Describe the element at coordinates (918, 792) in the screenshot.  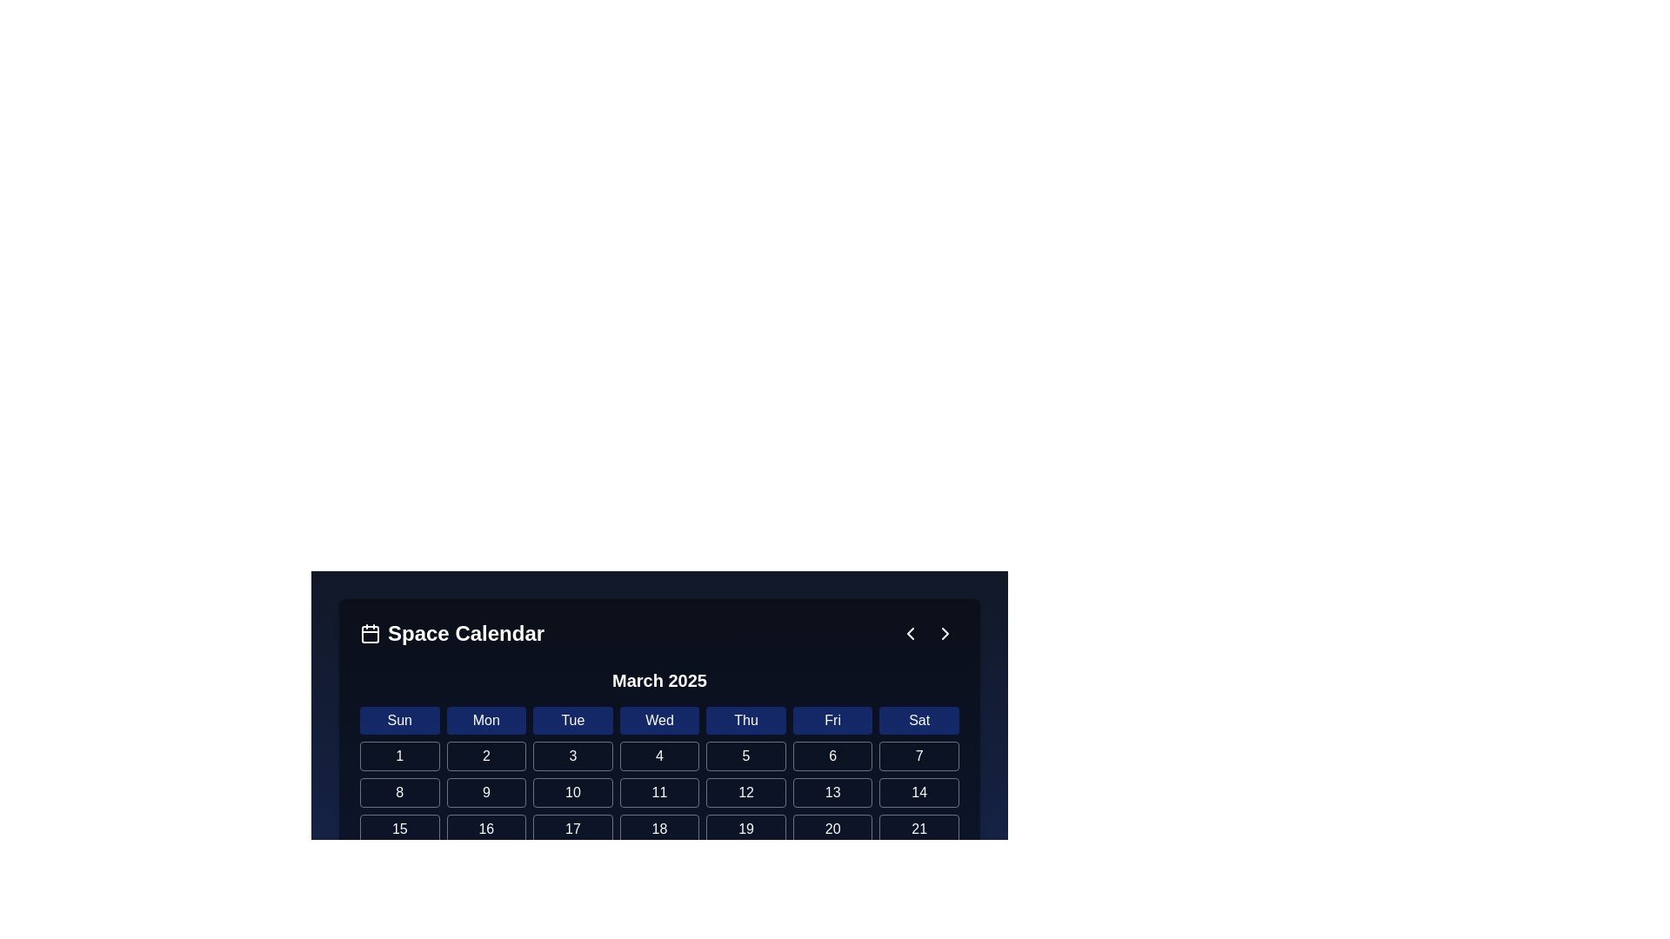
I see `the calendar date button representing the 14th of the month` at that location.